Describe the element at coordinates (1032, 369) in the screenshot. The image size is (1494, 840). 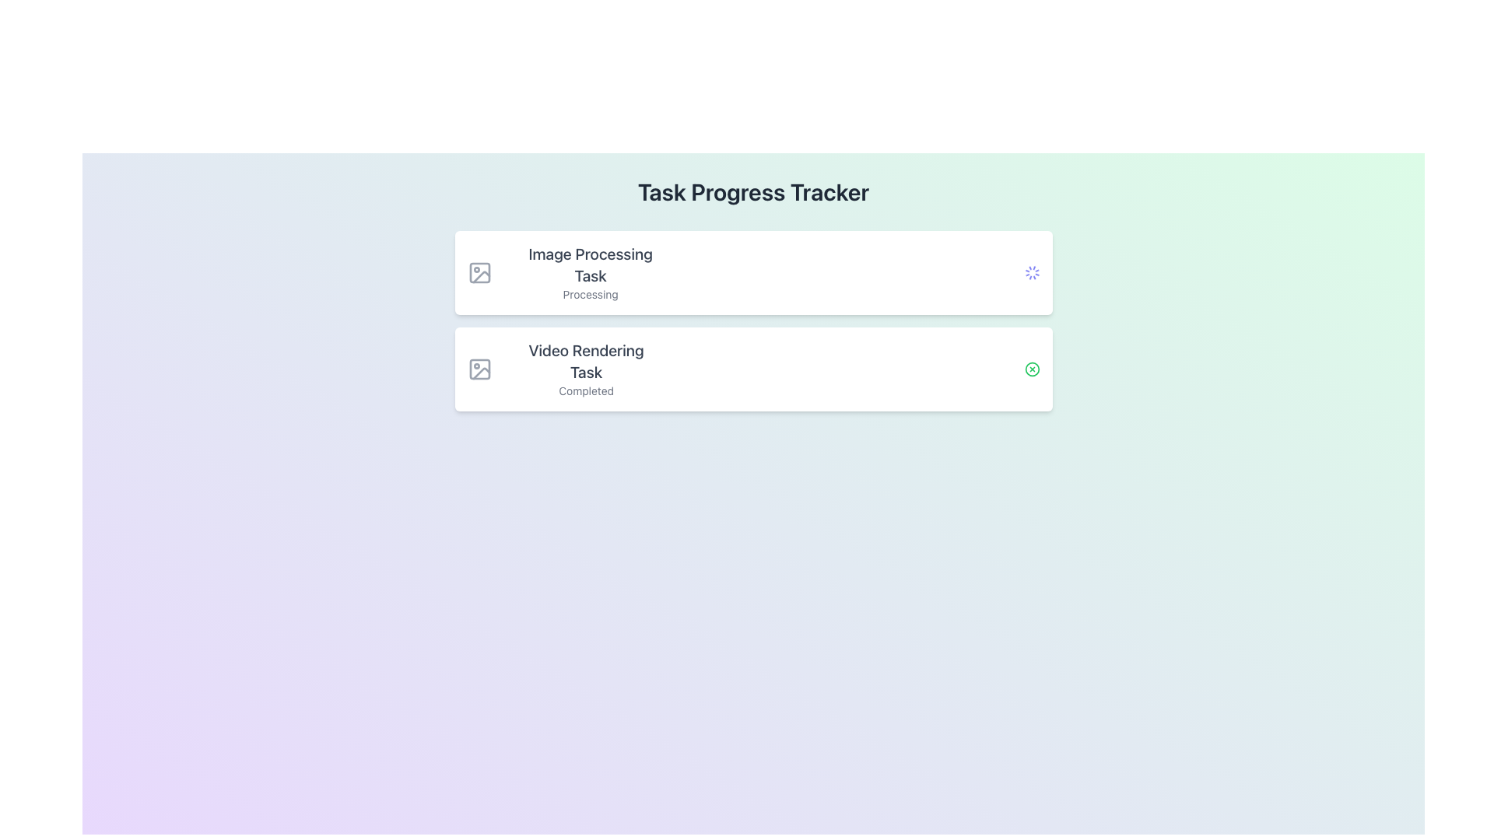
I see `the filled circle icon representing the 'Video Rendering' task in the task interface` at that location.